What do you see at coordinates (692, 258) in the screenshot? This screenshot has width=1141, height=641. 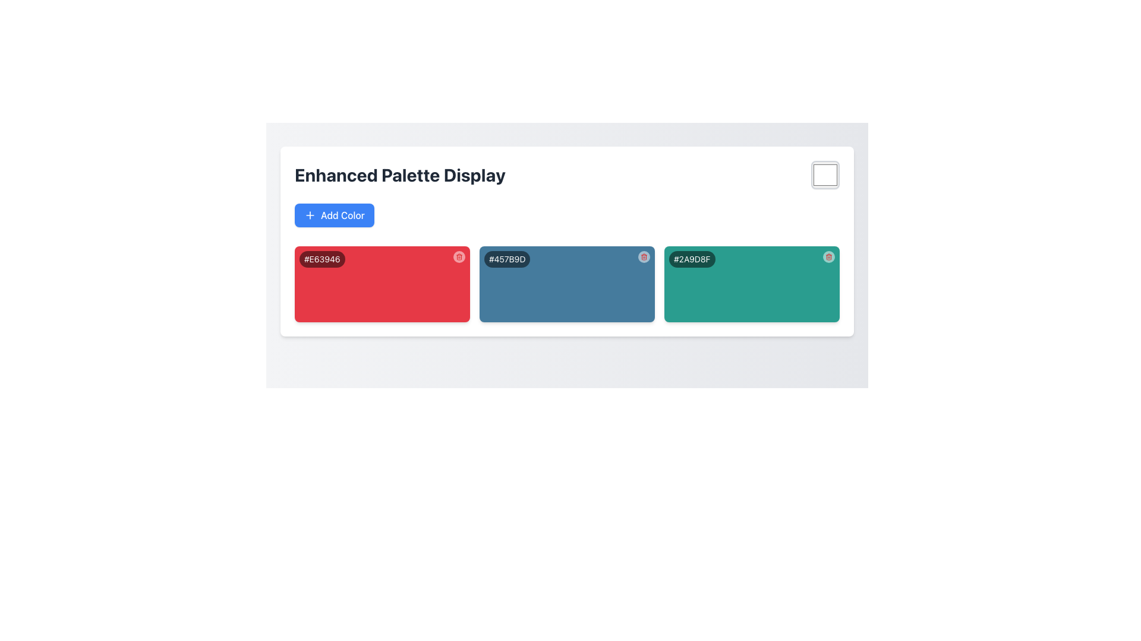 I see `the Label displaying the color code '#2A9D8F' located in the top-left corner of the rightmost card in a row of three cards` at bounding box center [692, 258].